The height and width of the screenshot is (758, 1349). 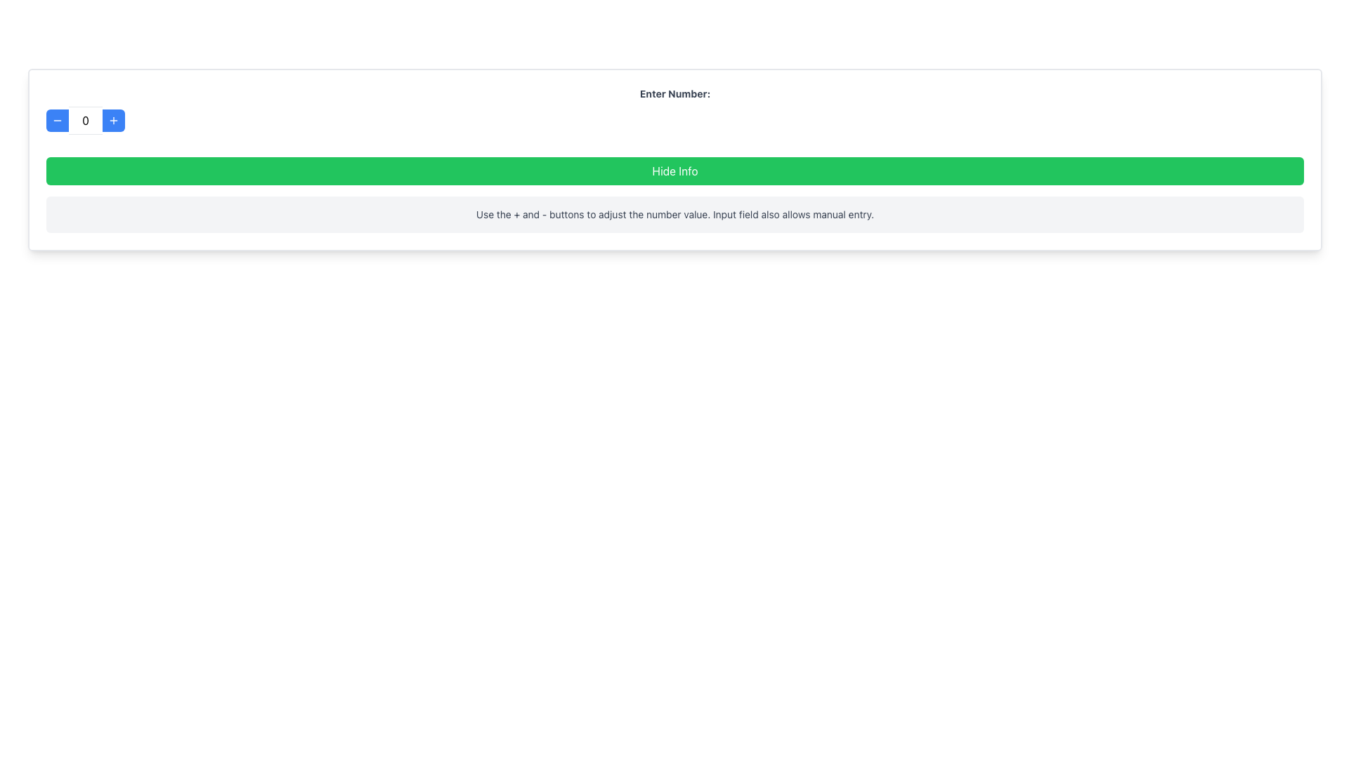 I want to click on displayed instructions from the informational text located below the green 'Hide Info' button, so click(x=674, y=214).